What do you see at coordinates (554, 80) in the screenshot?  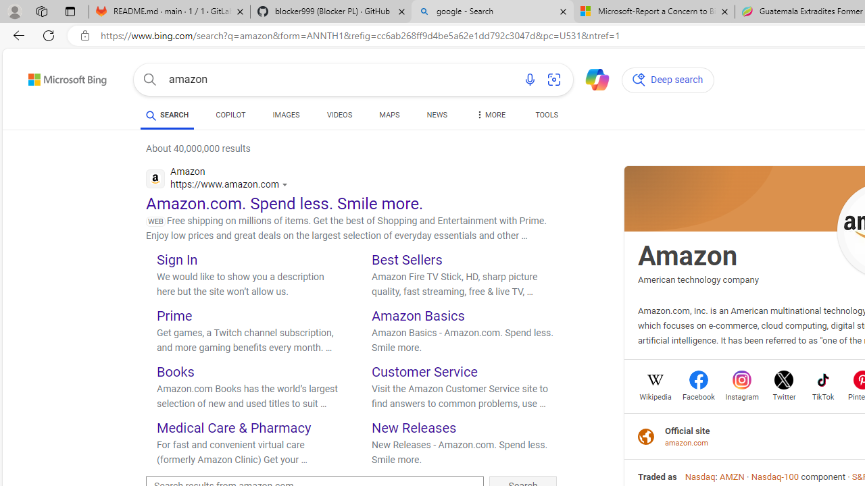 I see `'Search using an image'` at bounding box center [554, 80].